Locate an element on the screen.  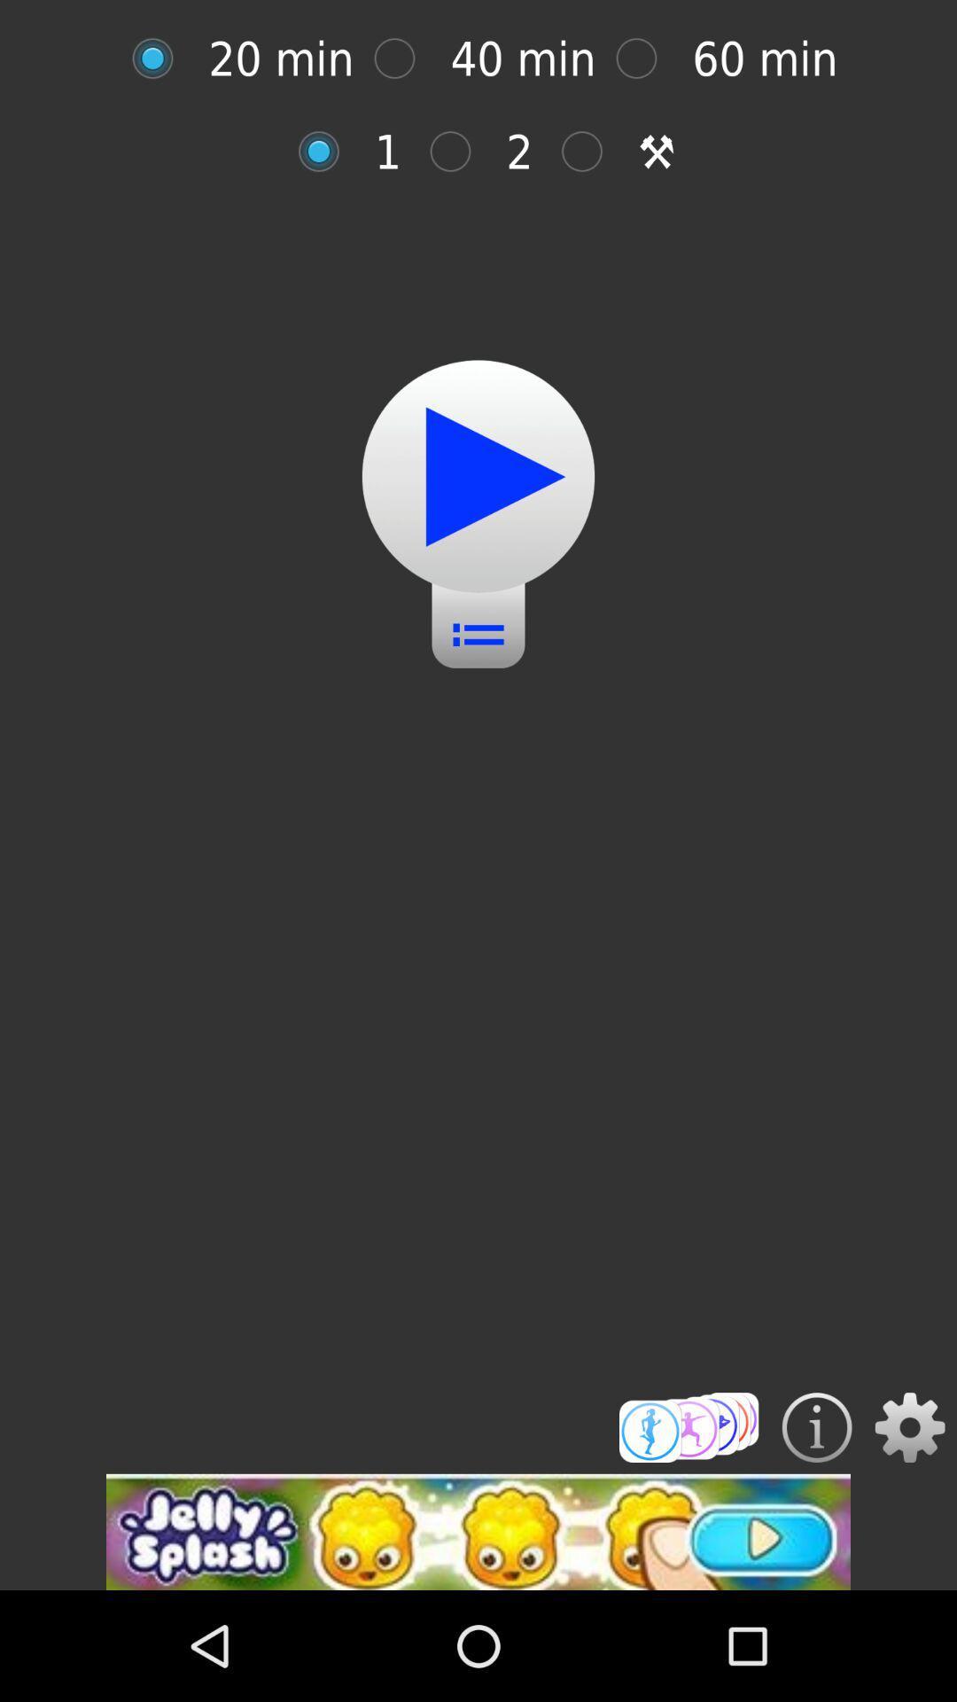
open advertisement for jellysplash is located at coordinates (478, 1531).